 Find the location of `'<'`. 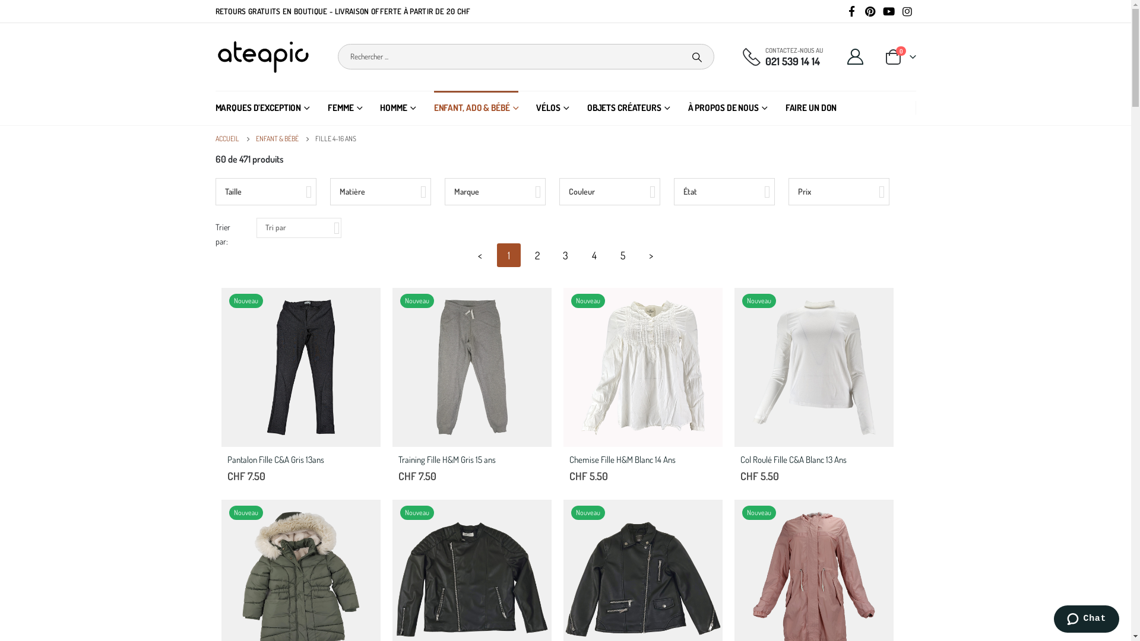

'<' is located at coordinates (479, 254).